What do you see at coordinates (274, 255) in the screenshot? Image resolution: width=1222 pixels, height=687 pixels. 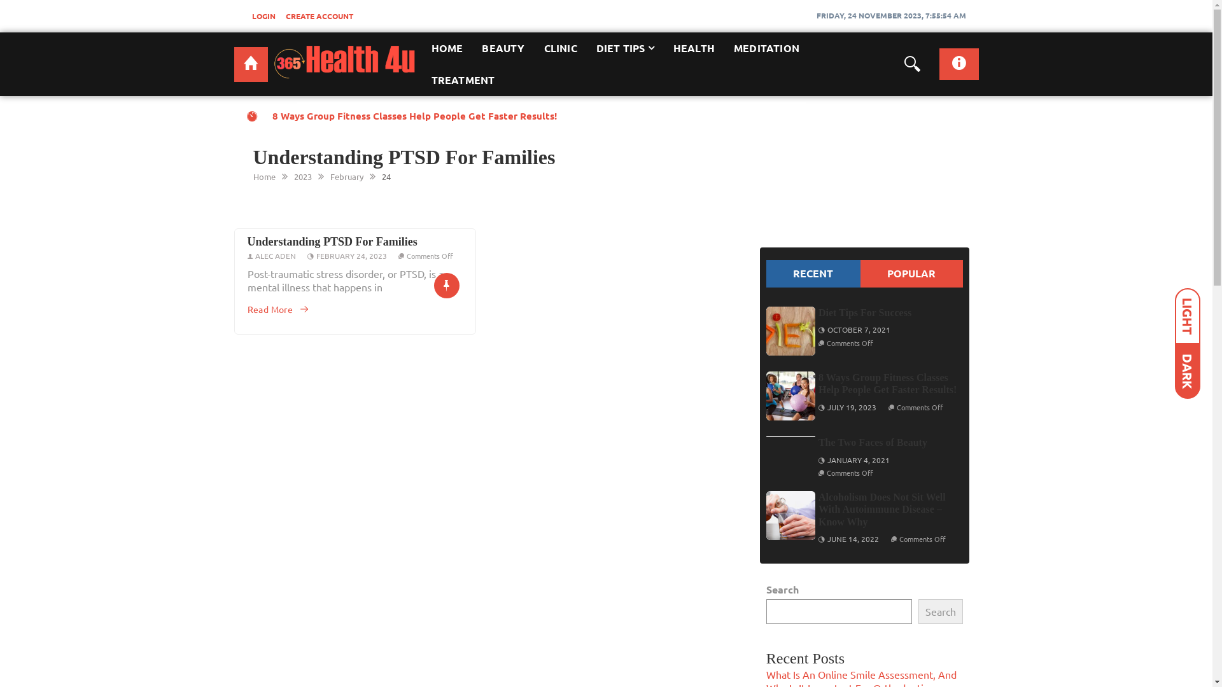 I see `'ALEC ADEN'` at bounding box center [274, 255].